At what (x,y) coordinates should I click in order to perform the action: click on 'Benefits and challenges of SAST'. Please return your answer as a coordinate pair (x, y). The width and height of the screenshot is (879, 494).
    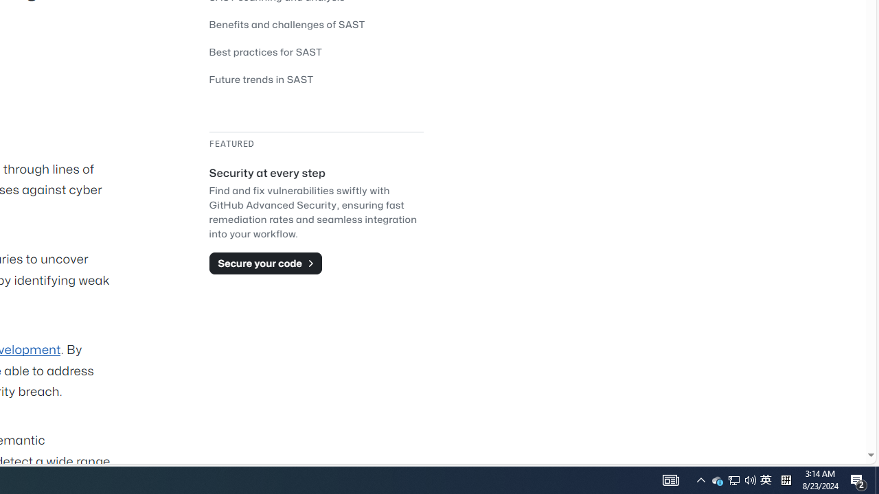
    Looking at the image, I should click on (286, 24).